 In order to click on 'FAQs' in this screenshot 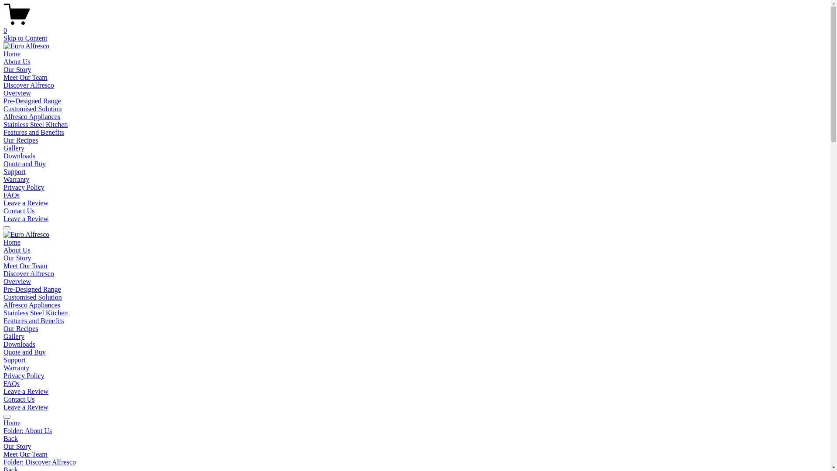, I will do `click(11, 383)`.